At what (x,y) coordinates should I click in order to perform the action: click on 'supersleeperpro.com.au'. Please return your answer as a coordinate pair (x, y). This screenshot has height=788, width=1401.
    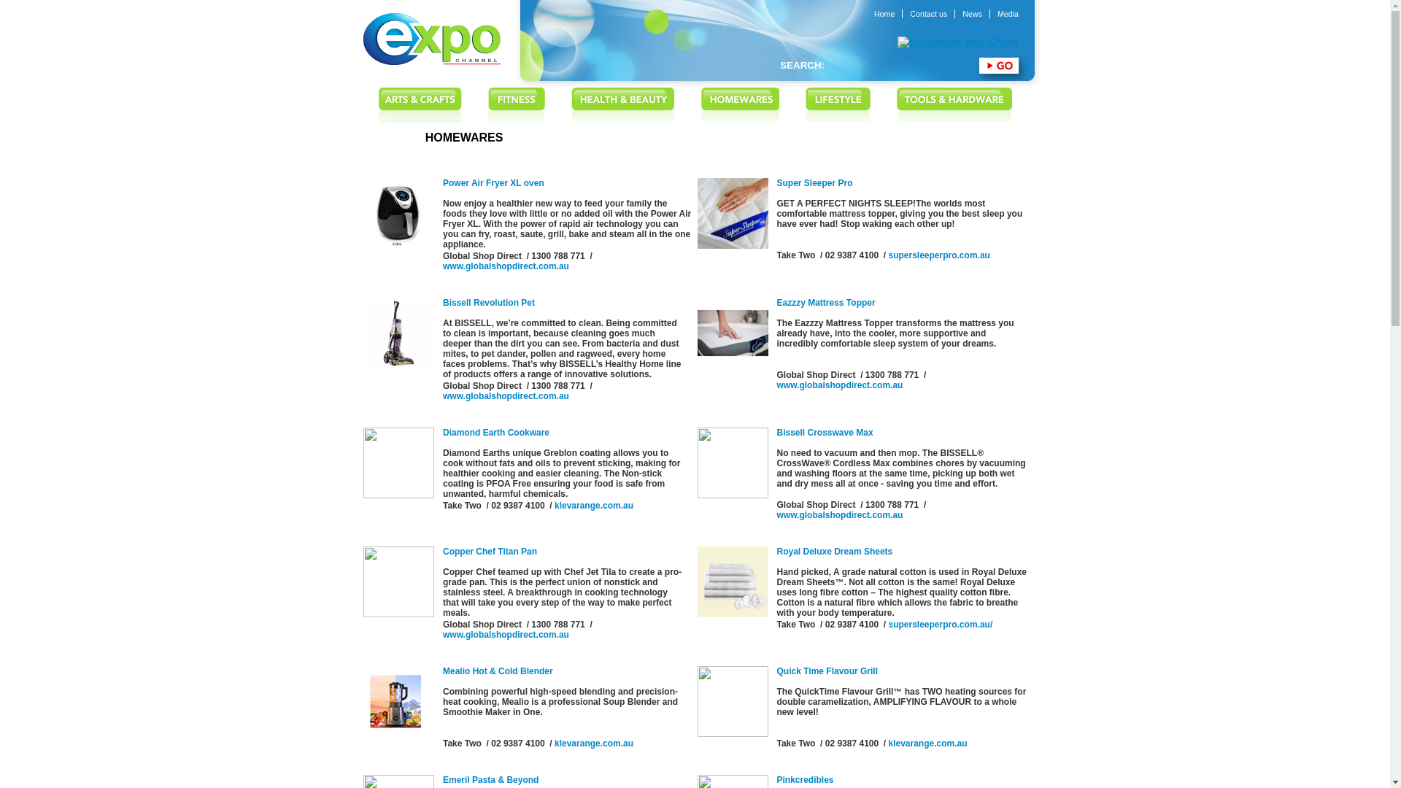
    Looking at the image, I should click on (939, 255).